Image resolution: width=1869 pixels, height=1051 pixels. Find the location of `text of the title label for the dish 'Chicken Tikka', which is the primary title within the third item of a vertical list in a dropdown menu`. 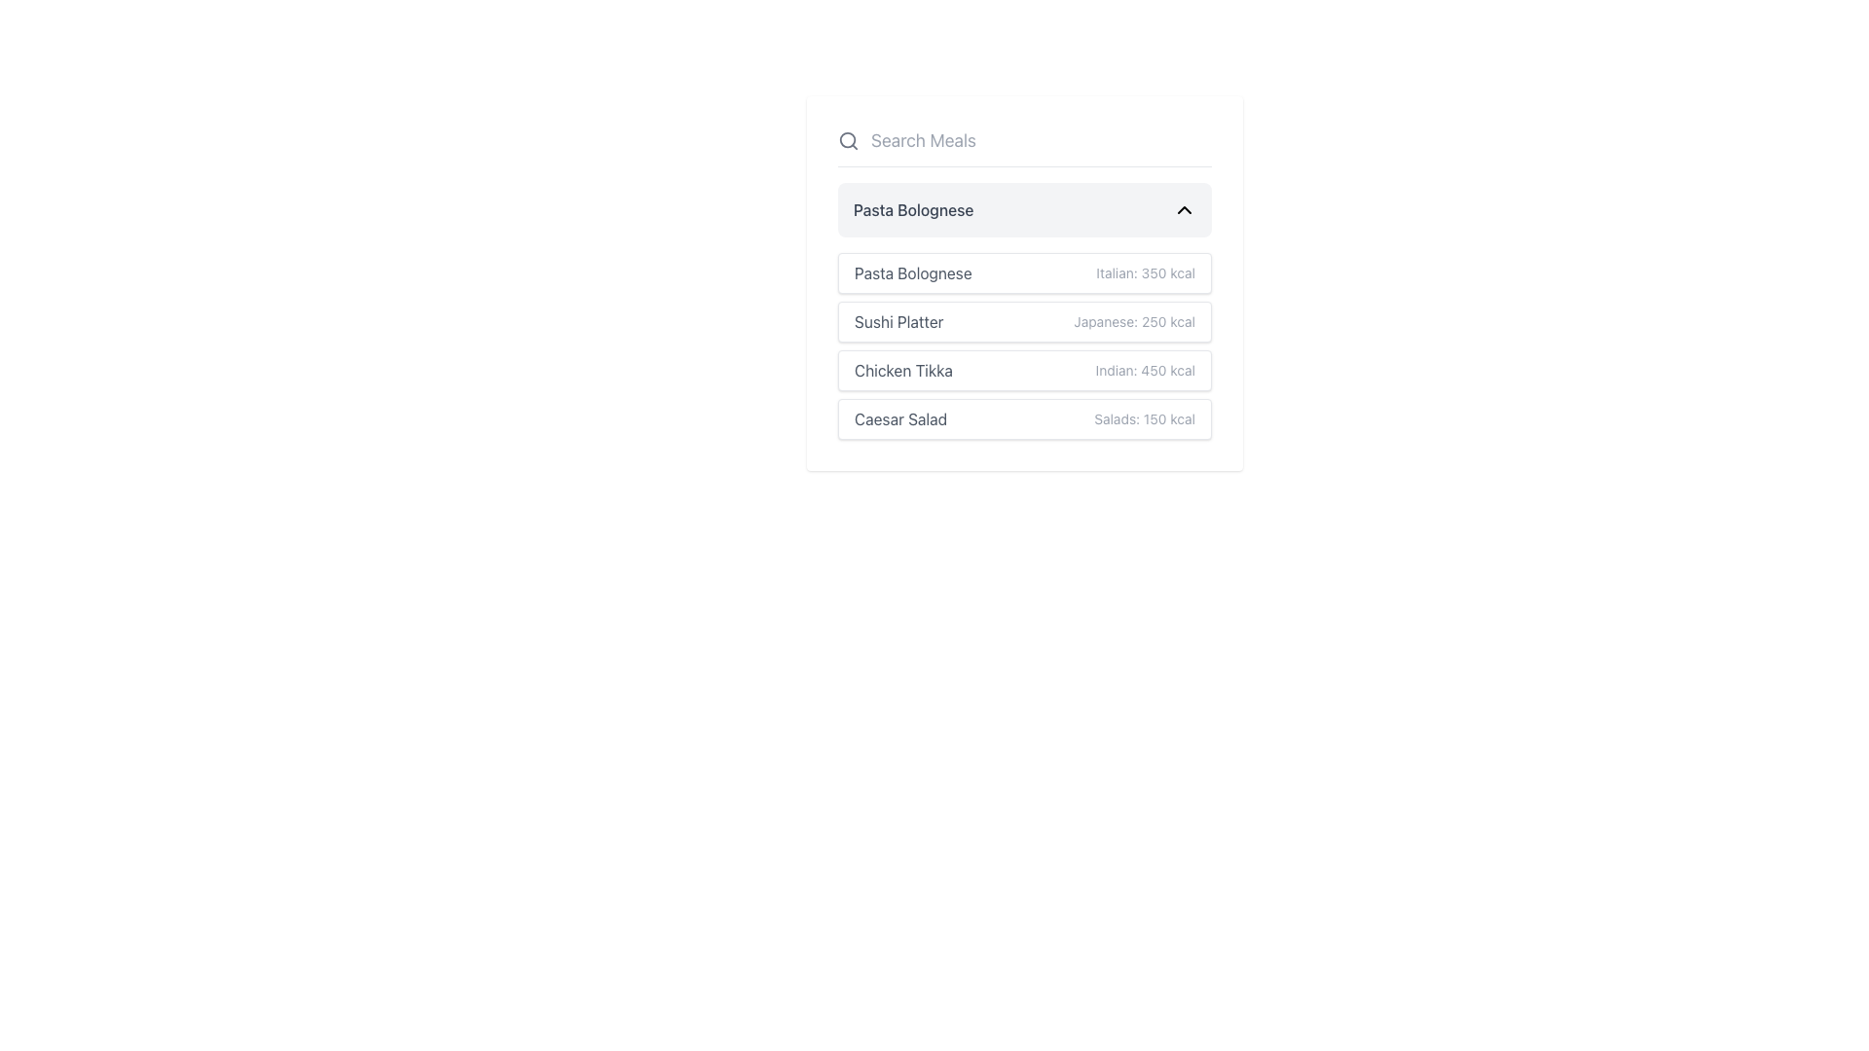

text of the title label for the dish 'Chicken Tikka', which is the primary title within the third item of a vertical list in a dropdown menu is located at coordinates (902, 371).